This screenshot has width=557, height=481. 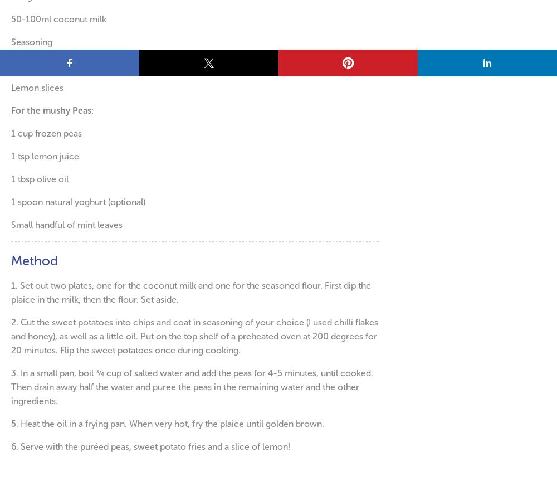 What do you see at coordinates (50, 224) in the screenshot?
I see `'handful'` at bounding box center [50, 224].